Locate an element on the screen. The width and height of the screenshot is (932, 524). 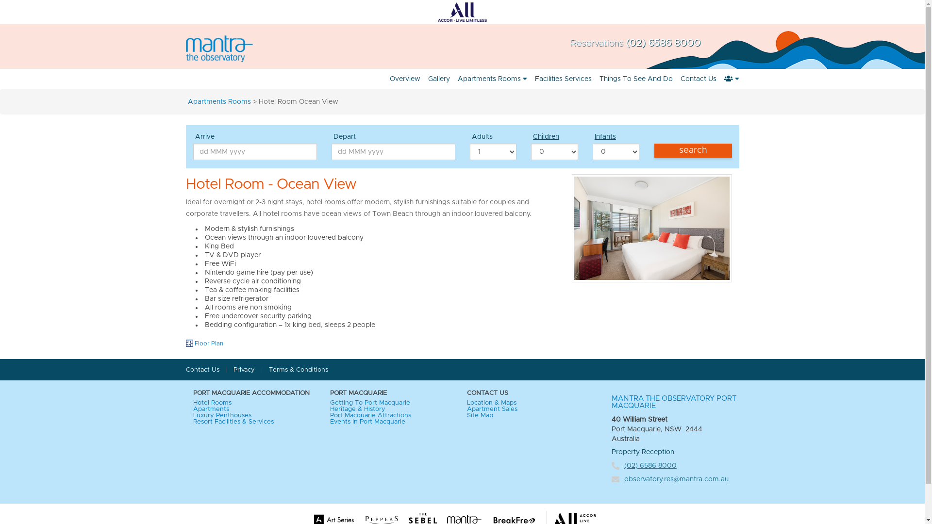
'Location & Maps' is located at coordinates (466, 403).